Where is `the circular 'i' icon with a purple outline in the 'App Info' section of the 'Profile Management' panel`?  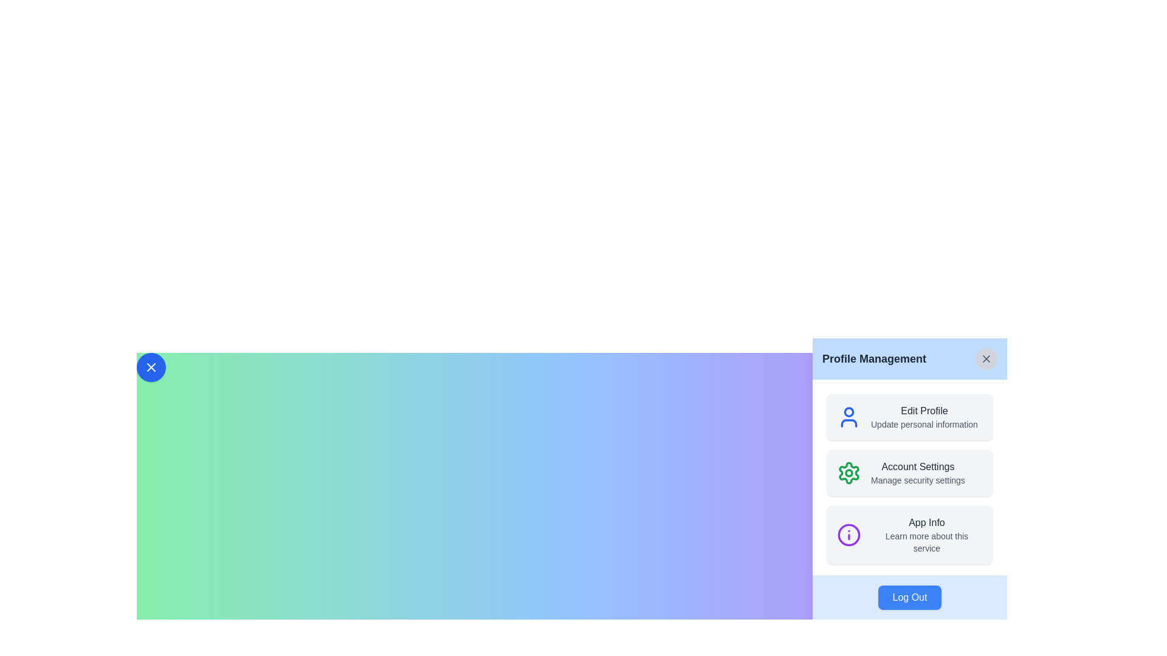 the circular 'i' icon with a purple outline in the 'App Info' section of the 'Profile Management' panel is located at coordinates (848, 534).